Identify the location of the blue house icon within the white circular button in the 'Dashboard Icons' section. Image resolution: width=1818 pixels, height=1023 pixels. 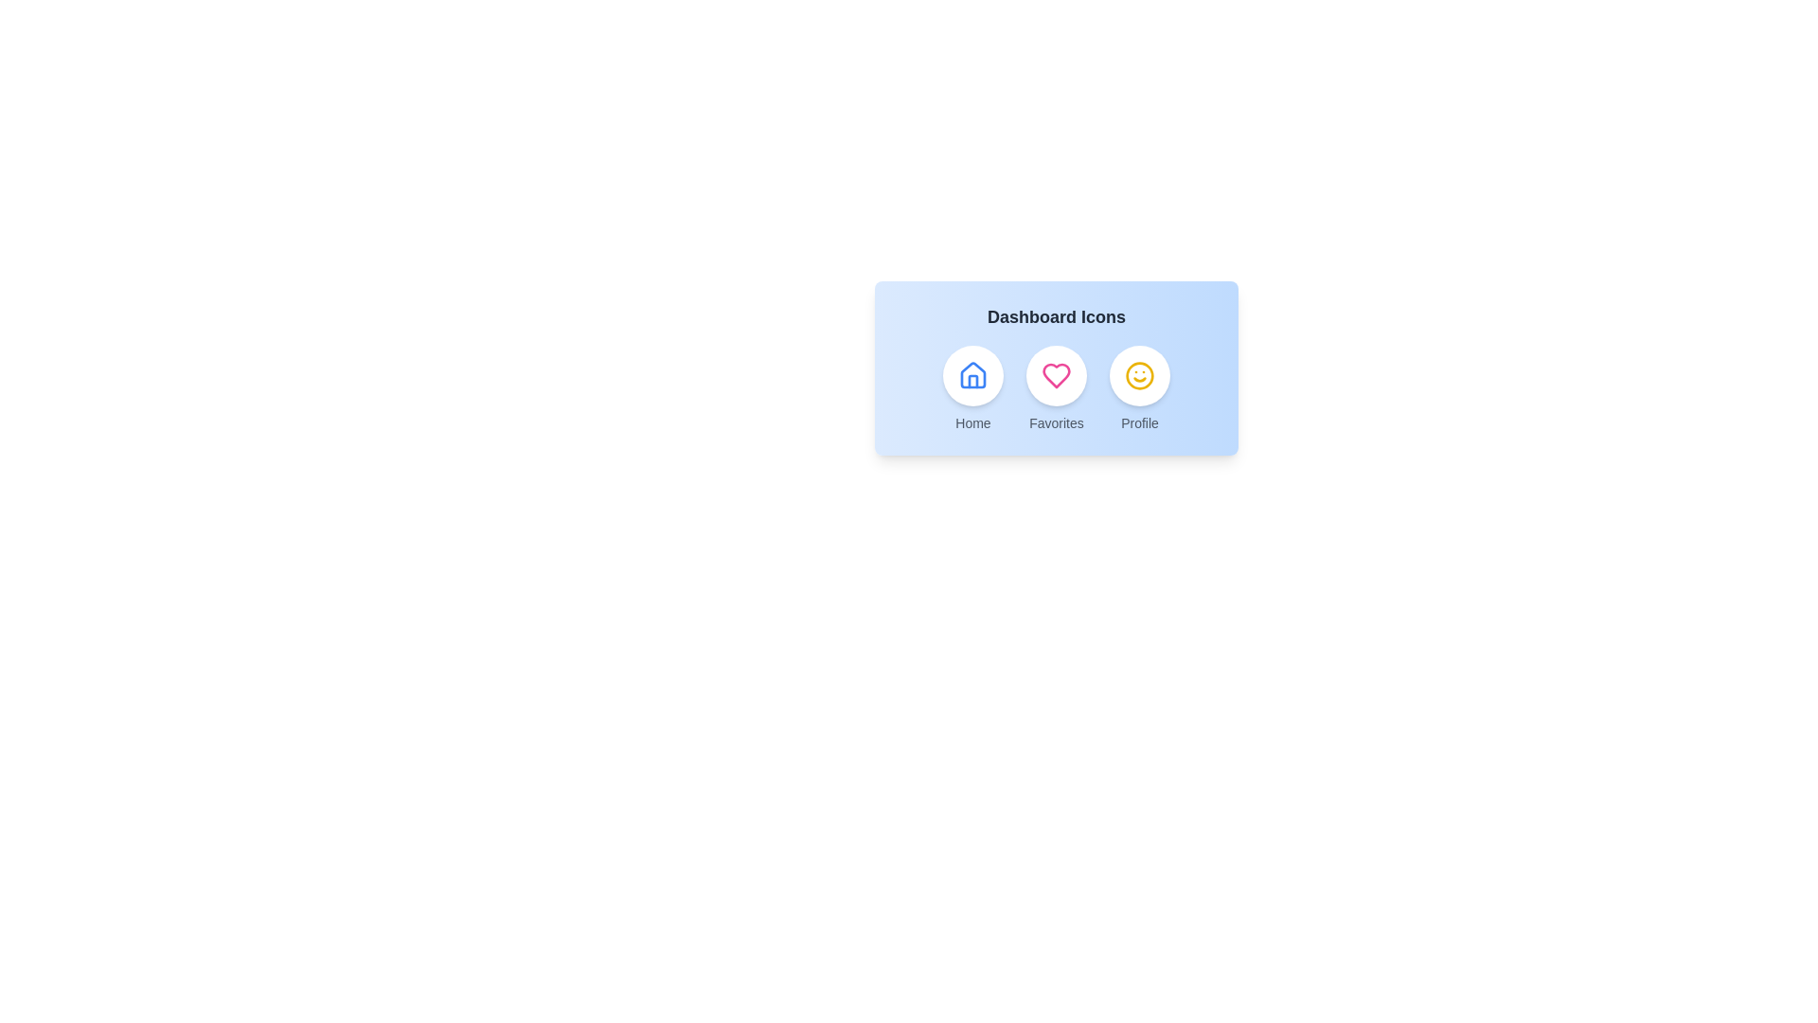
(972, 376).